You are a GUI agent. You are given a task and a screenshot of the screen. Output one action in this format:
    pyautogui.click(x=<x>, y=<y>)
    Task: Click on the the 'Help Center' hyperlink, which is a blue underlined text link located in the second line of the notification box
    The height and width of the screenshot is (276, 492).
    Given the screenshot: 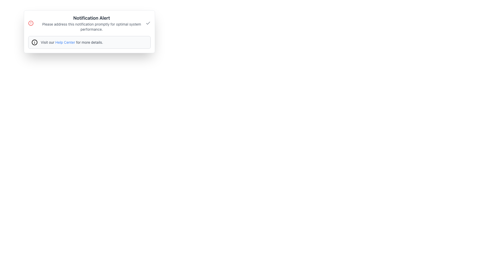 What is the action you would take?
    pyautogui.click(x=65, y=42)
    